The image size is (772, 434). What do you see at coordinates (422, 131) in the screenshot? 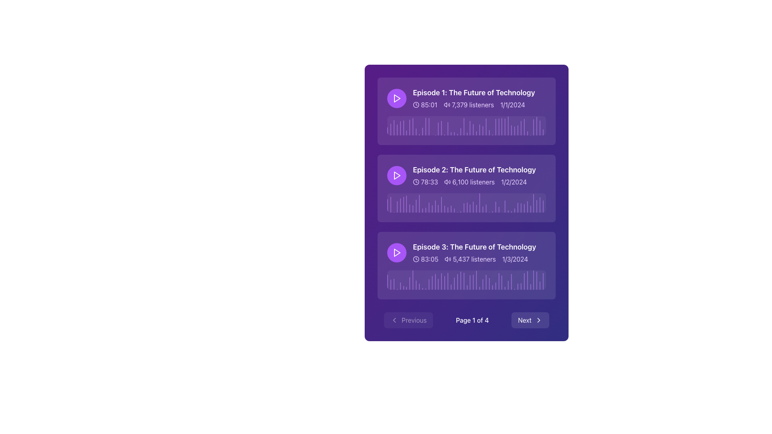
I see `the thin vertical purple graphical bar located in the first episode card, below the title and metadata, among a set of similar vertical elements` at bounding box center [422, 131].